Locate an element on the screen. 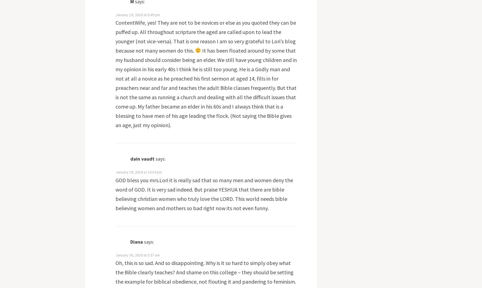 The height and width of the screenshot is (288, 482). 'Diana' is located at coordinates (136, 241).